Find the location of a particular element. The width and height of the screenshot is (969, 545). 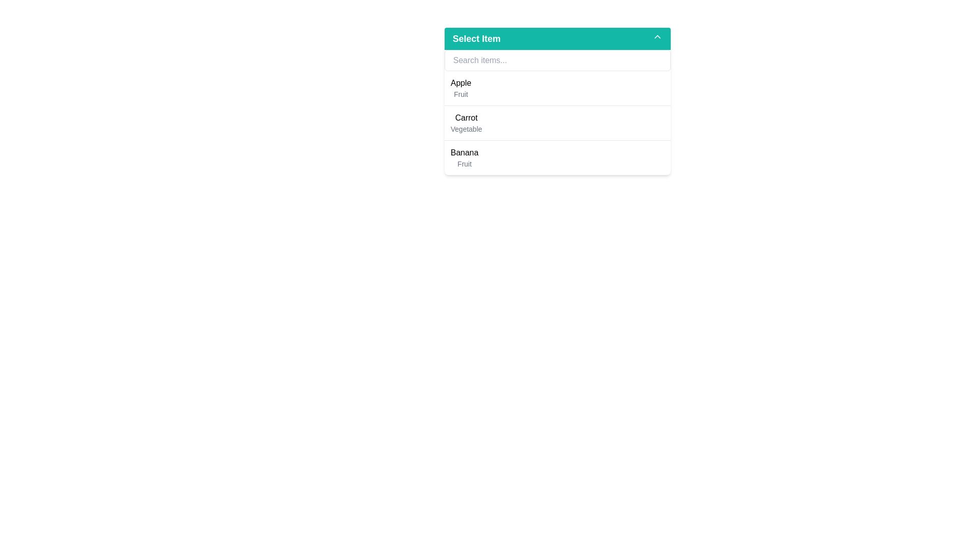

the text label displaying 'Apple' in the dropdown list to focus context is located at coordinates (460, 83).